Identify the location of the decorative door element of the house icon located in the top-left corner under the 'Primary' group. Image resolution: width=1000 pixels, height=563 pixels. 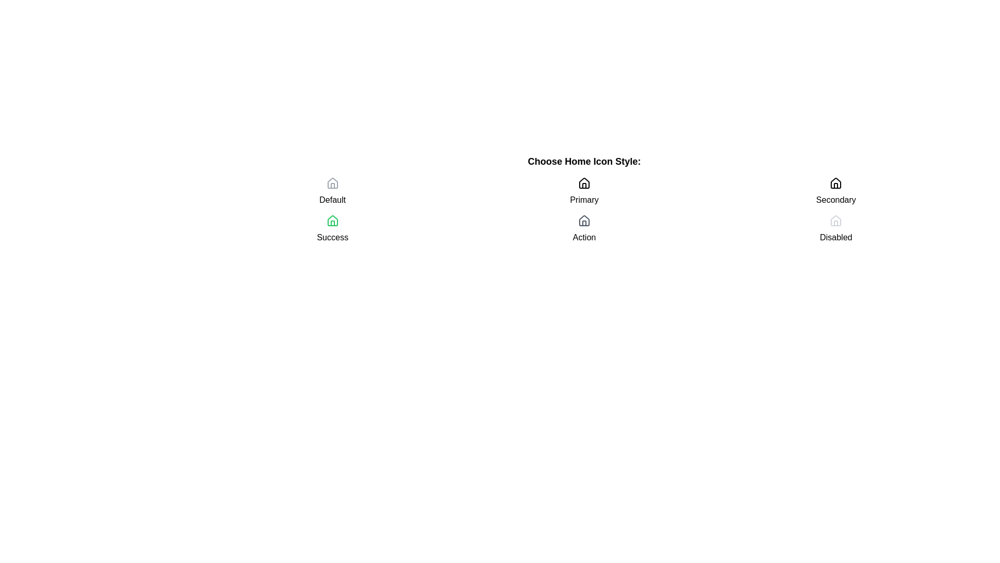
(584, 185).